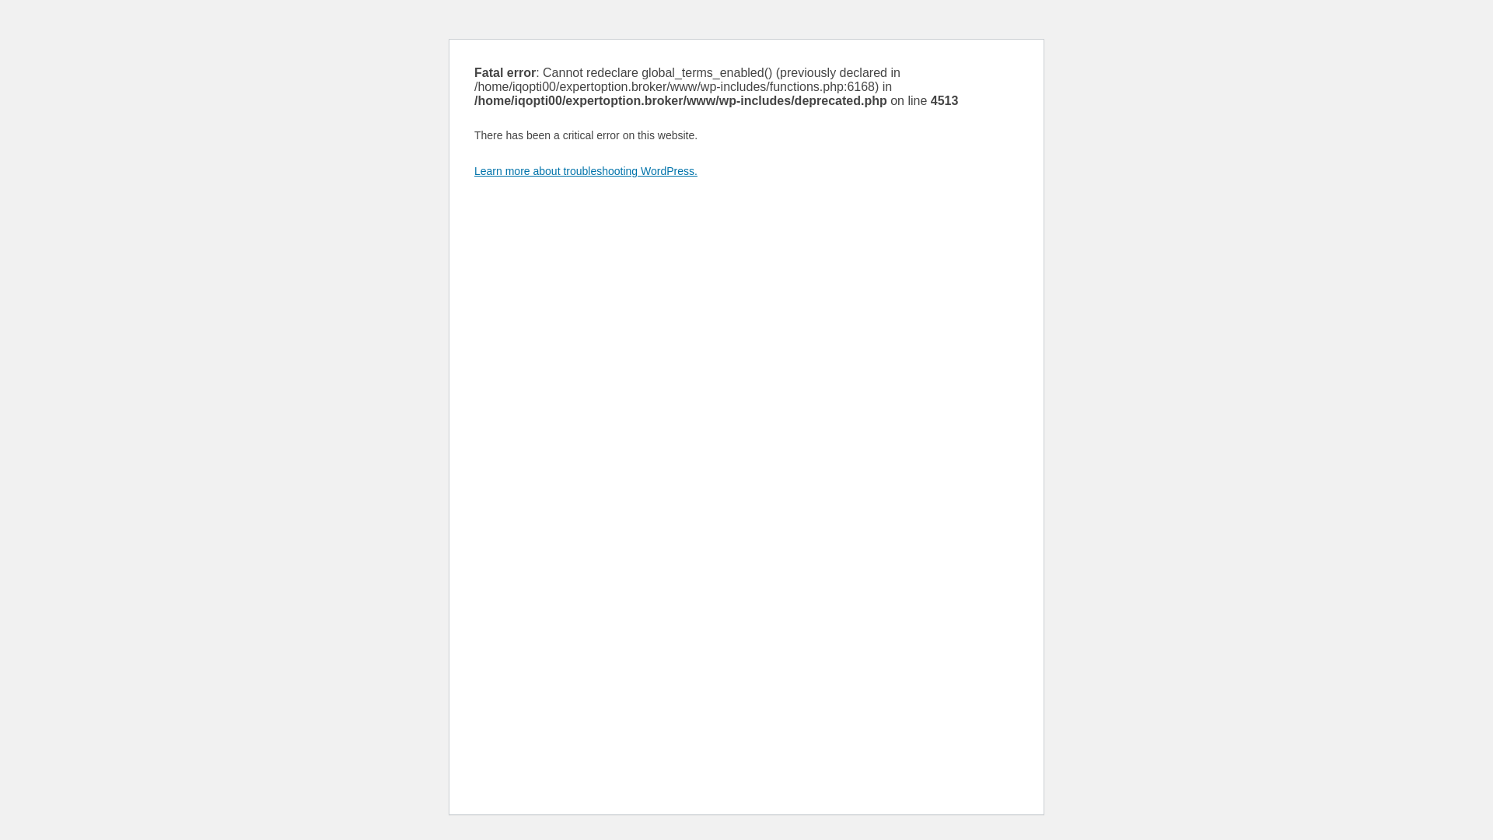  What do you see at coordinates (585, 170) in the screenshot?
I see `'Learn more about troubleshooting WordPress.'` at bounding box center [585, 170].